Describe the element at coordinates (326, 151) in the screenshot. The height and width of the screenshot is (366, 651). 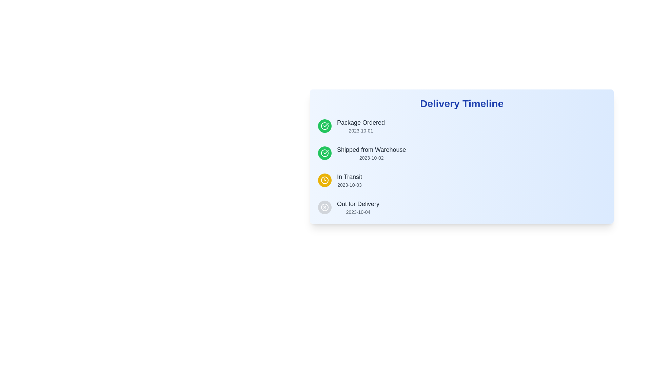
I see `the green circular icon that indicates the completion of the 'Package Ordered' stage in the delivery timeline, which is aligned with the text 'Package Ordered' to its right` at that location.